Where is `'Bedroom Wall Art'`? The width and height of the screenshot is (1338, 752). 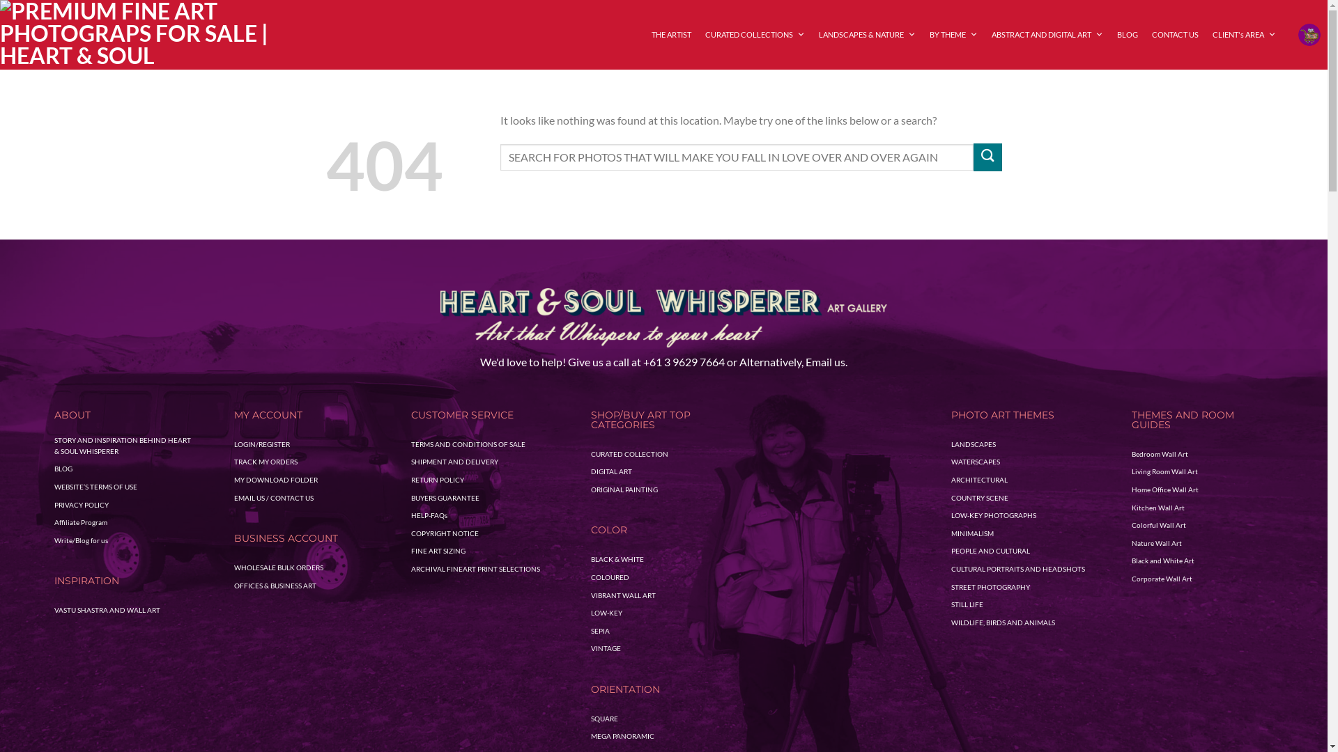
'Bedroom Wall Art' is located at coordinates (1160, 453).